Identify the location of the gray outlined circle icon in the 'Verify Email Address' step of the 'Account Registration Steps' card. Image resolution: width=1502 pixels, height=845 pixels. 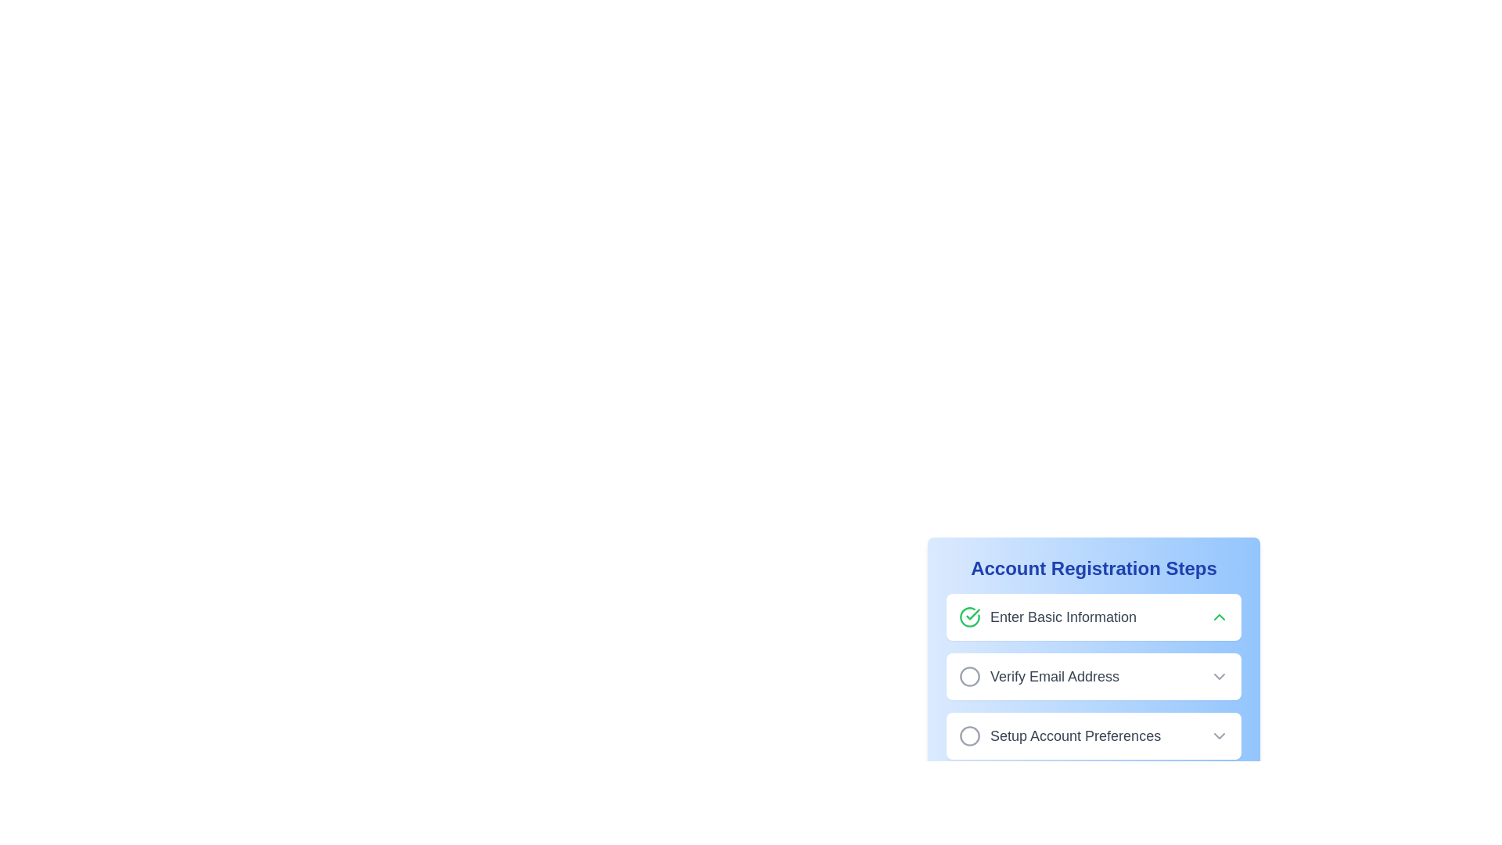
(968, 675).